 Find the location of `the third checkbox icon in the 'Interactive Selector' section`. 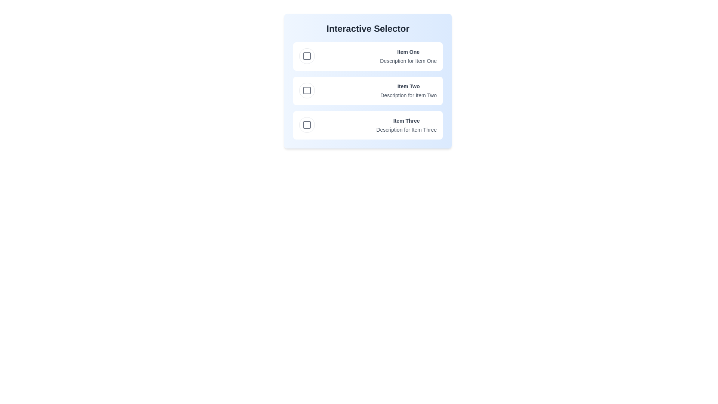

the third checkbox icon in the 'Interactive Selector' section is located at coordinates (307, 125).